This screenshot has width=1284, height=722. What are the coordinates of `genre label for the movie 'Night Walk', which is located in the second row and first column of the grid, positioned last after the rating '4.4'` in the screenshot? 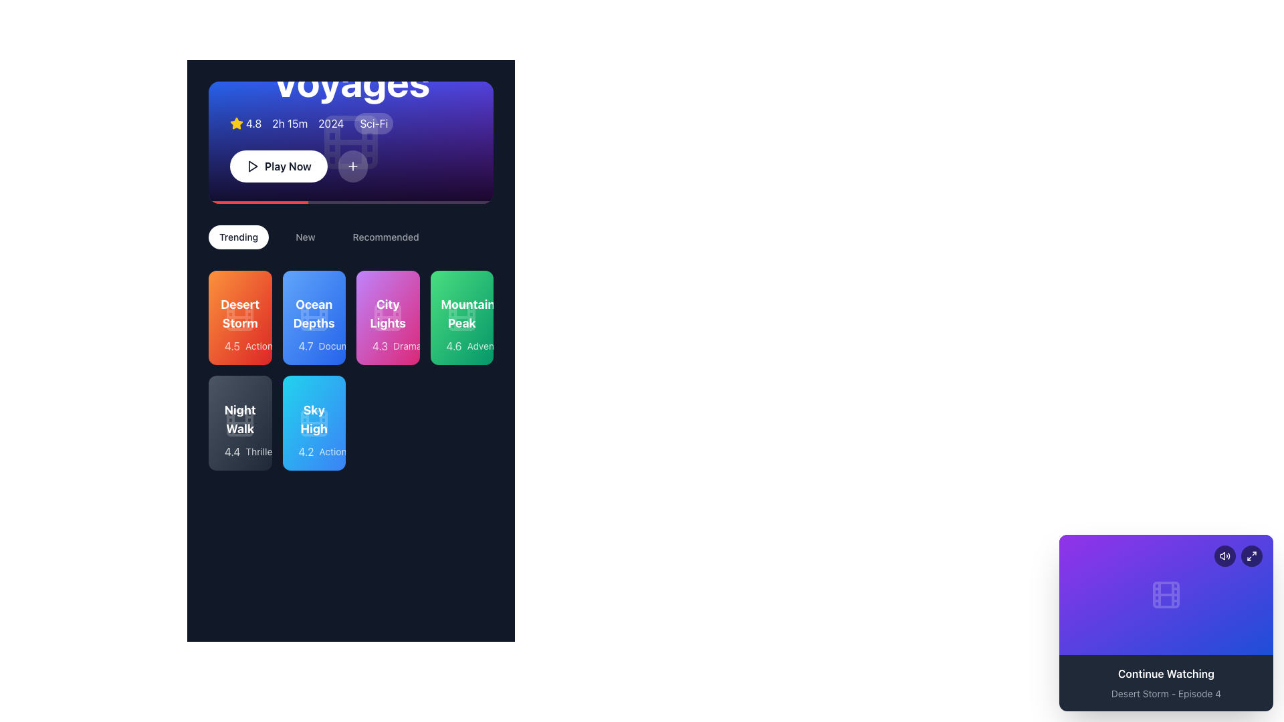 It's located at (260, 451).